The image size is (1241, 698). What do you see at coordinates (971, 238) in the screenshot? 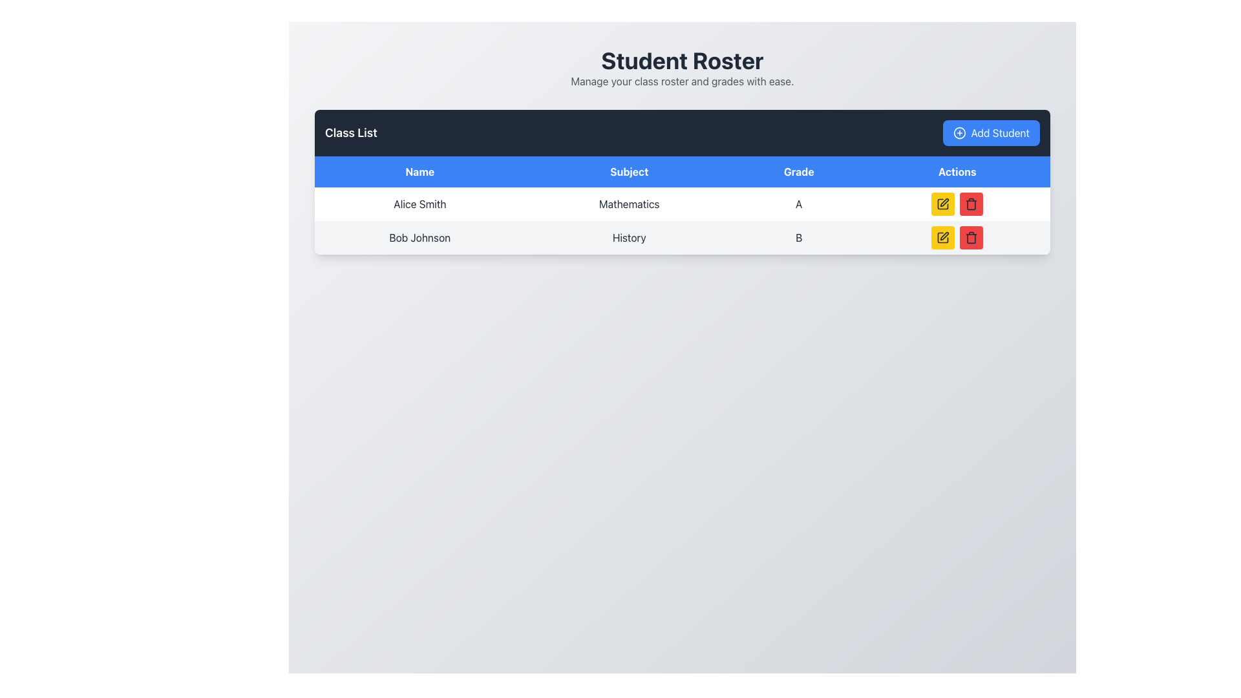
I see `the red trash can icon in the 'Actions' column of the 'Class List' table` at bounding box center [971, 238].